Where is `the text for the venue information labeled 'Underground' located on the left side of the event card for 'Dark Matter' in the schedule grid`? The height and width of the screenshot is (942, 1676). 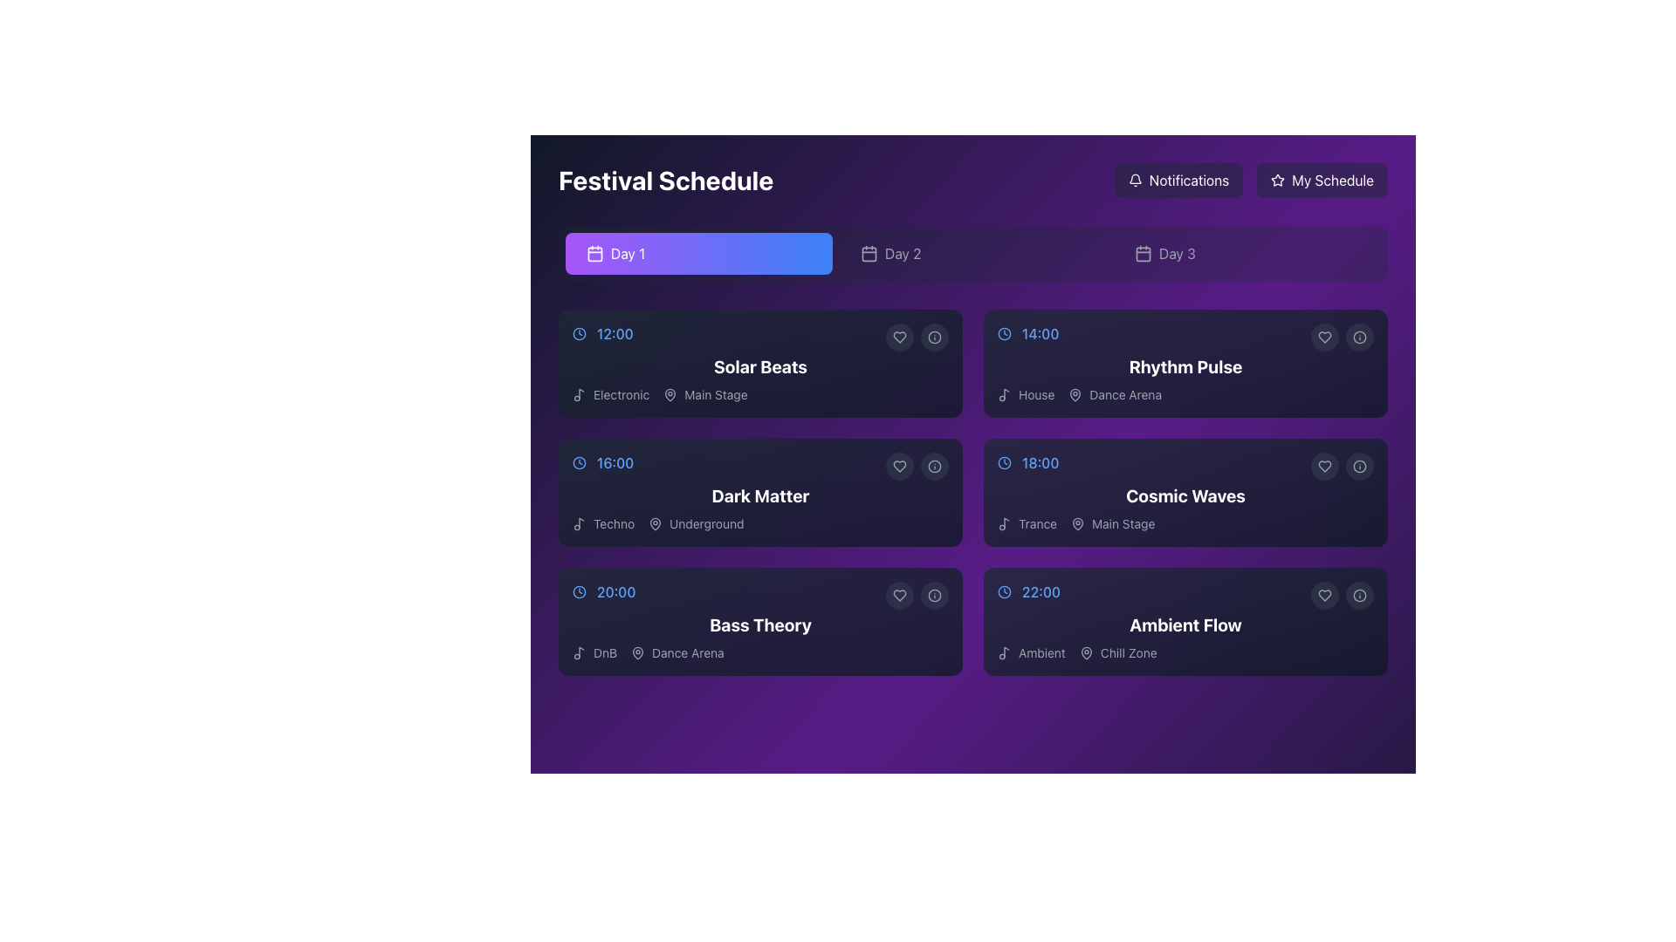 the text for the venue information labeled 'Underground' located on the left side of the event card for 'Dark Matter' in the schedule grid is located at coordinates (695, 523).